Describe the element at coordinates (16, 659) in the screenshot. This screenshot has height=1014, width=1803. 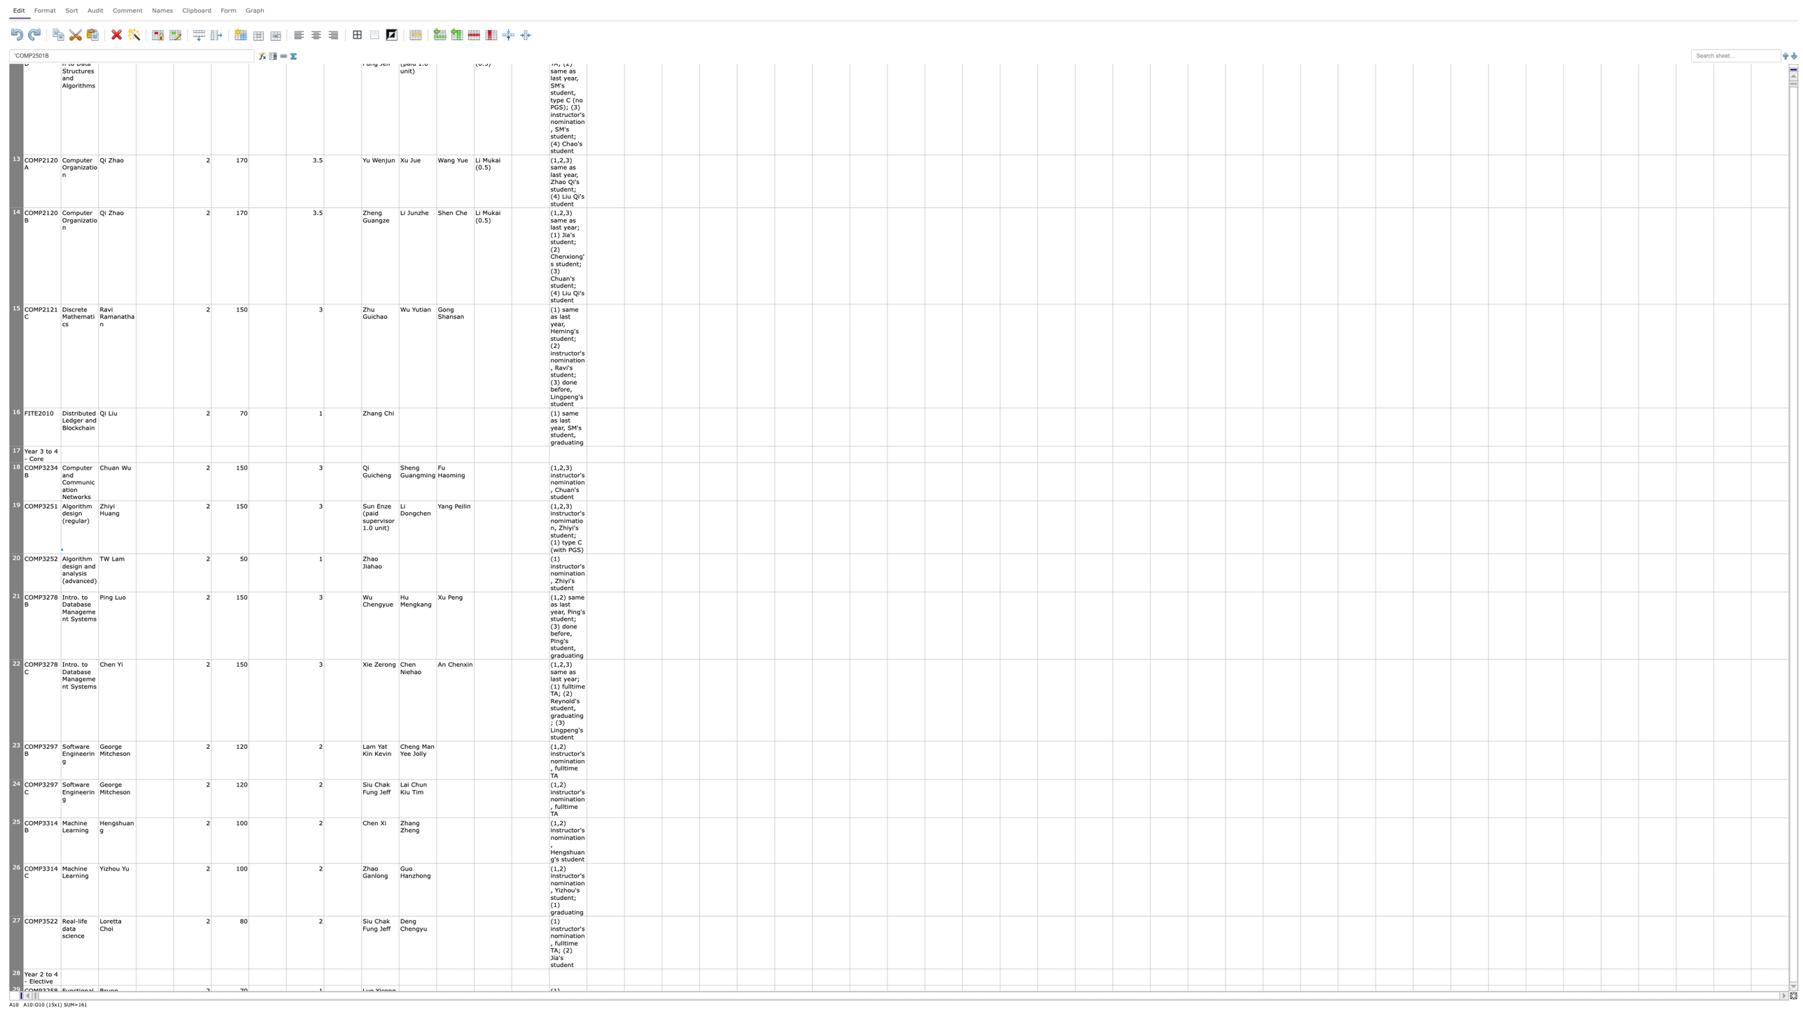
I see `the bottom edge of row 21 header to resize` at that location.